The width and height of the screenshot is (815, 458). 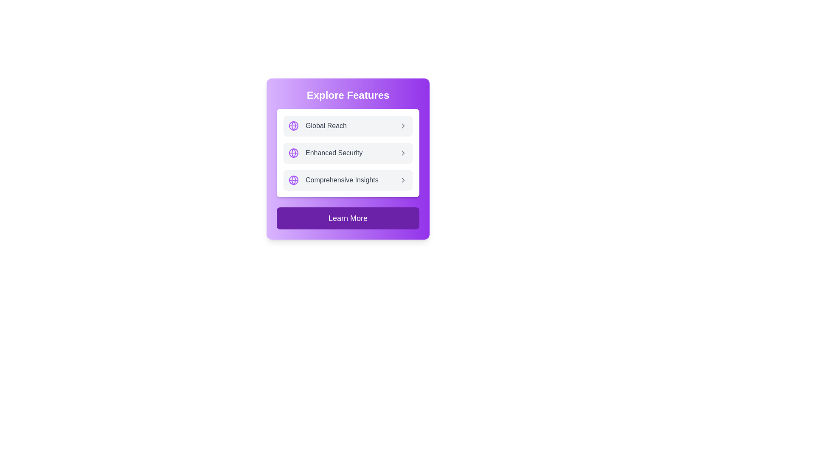 I want to click on the vector graphic element within the circular icon that represents a globe or circular motion, which is adjacent to the 'Global Reach' list item in the feature list panel, so click(x=293, y=126).